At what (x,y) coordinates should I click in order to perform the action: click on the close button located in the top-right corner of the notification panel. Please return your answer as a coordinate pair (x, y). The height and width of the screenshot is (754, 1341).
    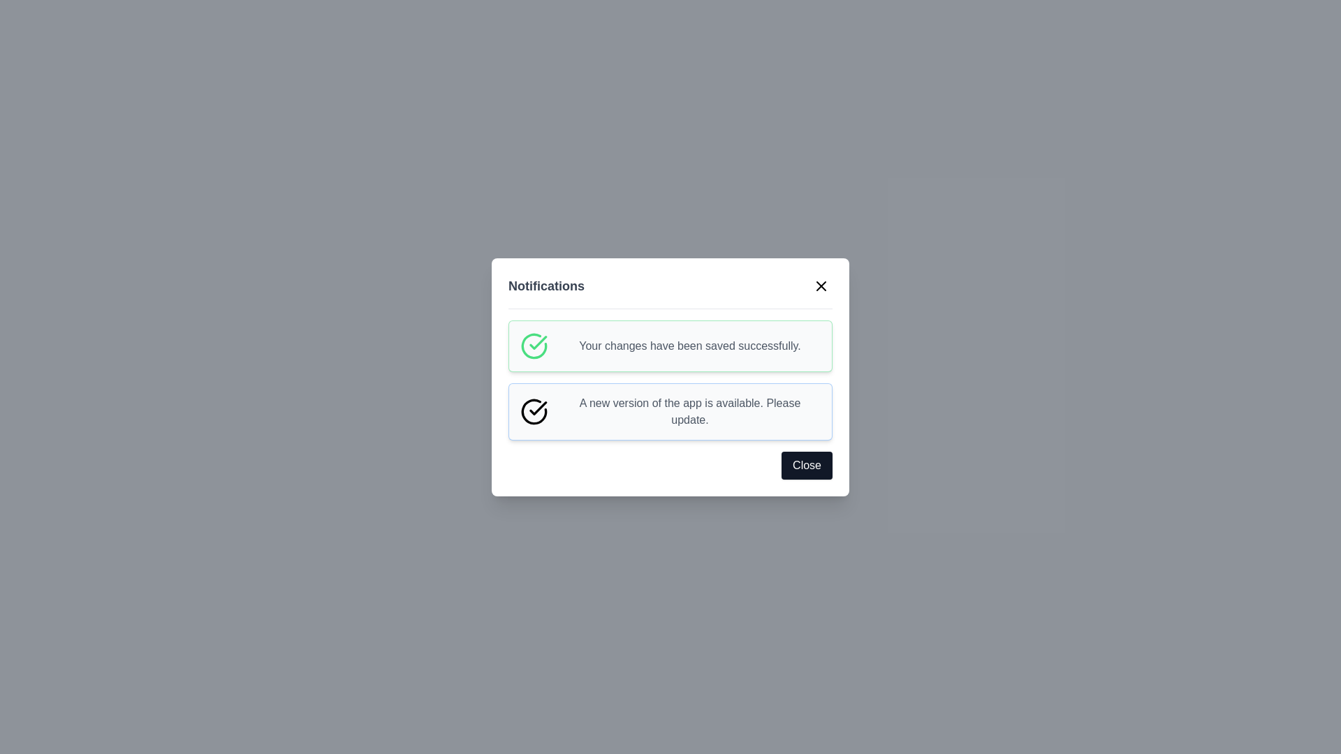
    Looking at the image, I should click on (821, 285).